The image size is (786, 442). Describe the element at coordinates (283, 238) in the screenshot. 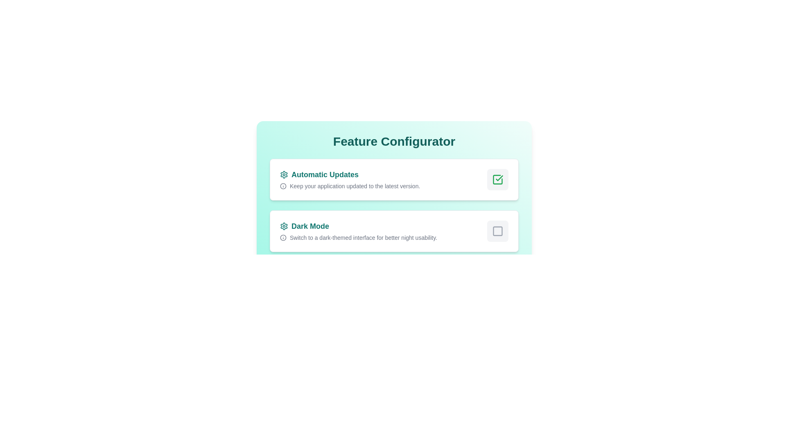

I see `the informational icon located immediately to the left of the text 'Switch to a dark-themed interface for better night usability.' in the 'Dark Mode' section` at that location.